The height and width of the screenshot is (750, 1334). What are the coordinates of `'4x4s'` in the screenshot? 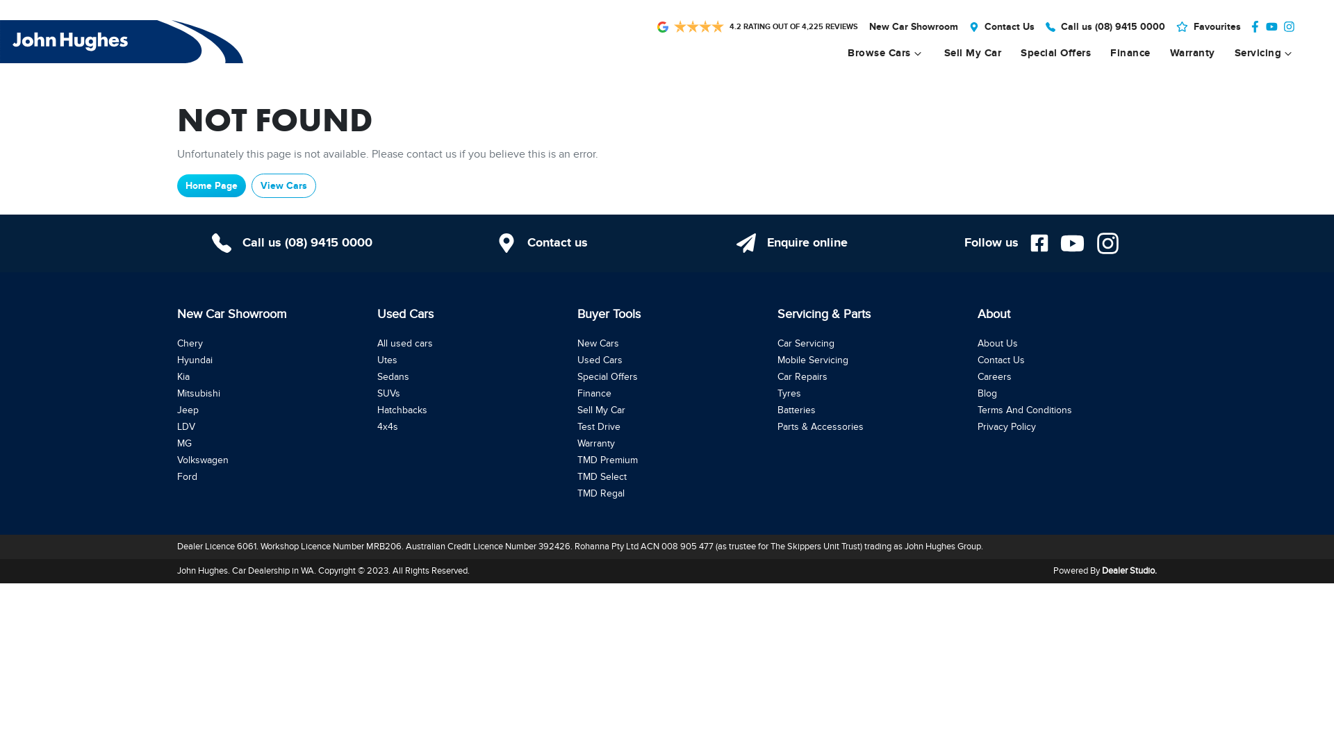 It's located at (387, 426).